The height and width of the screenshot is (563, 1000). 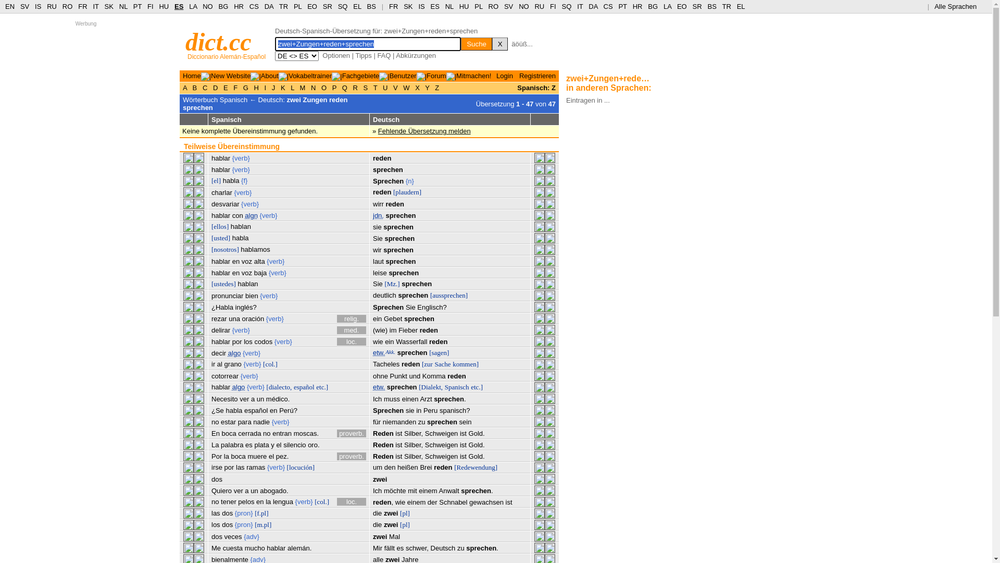 I want to click on 'sein', so click(x=459, y=421).